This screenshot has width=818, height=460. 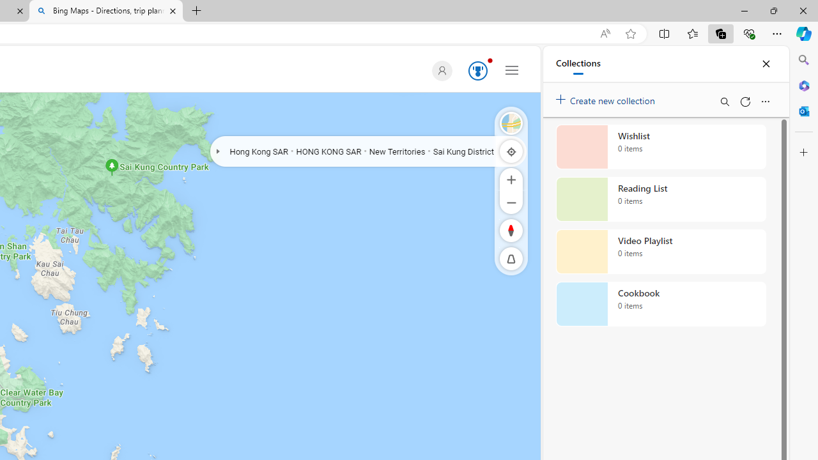 I want to click on 'Bird', so click(x=511, y=123).